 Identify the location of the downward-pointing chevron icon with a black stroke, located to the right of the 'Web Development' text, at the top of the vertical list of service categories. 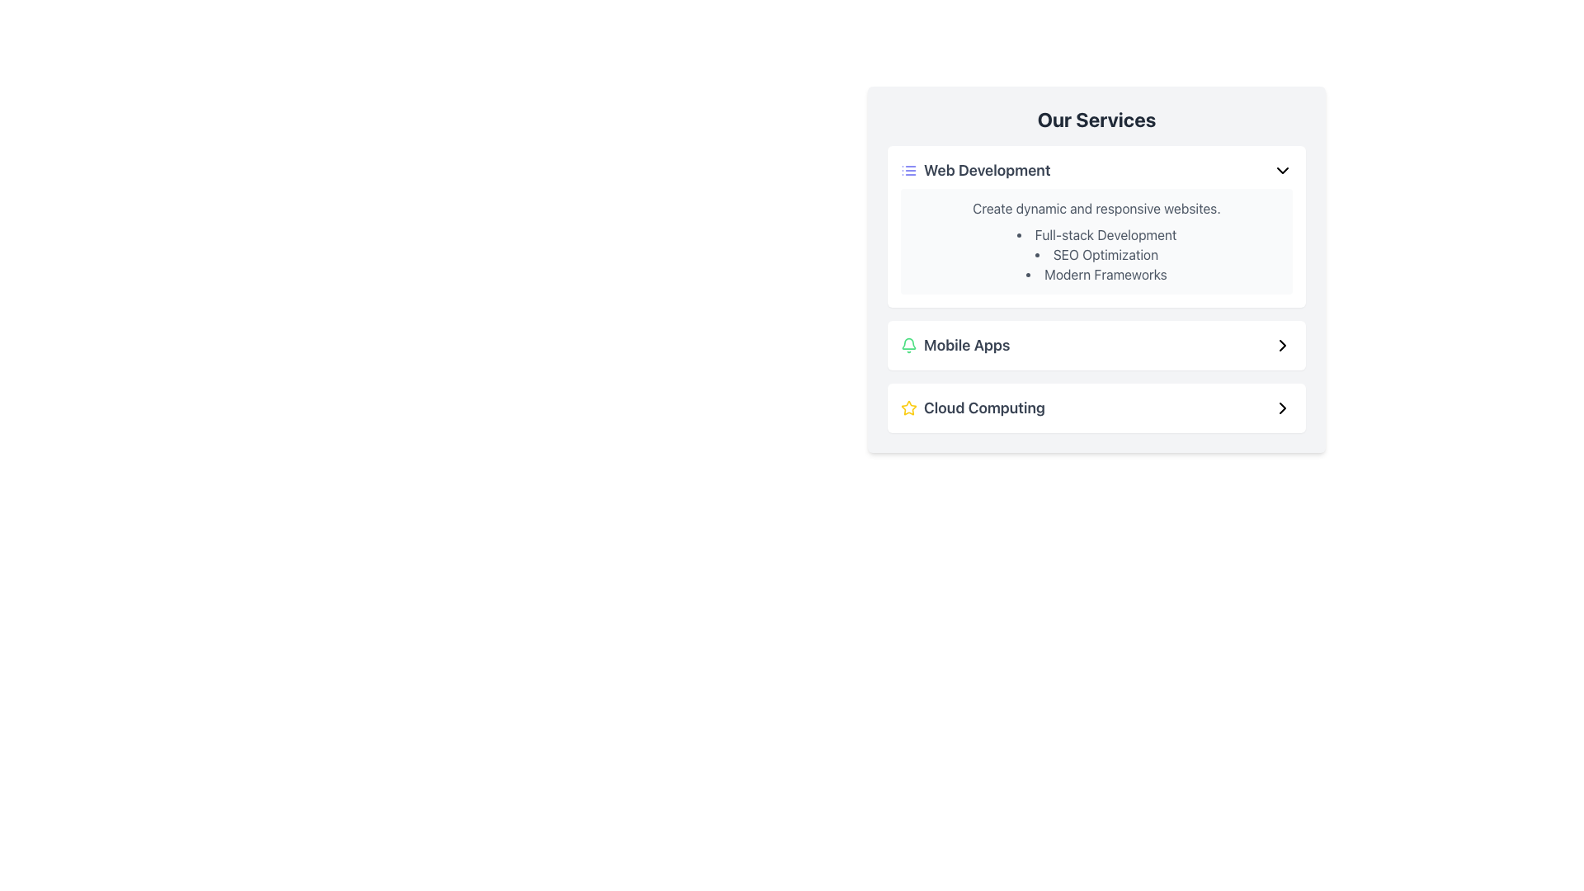
(1282, 171).